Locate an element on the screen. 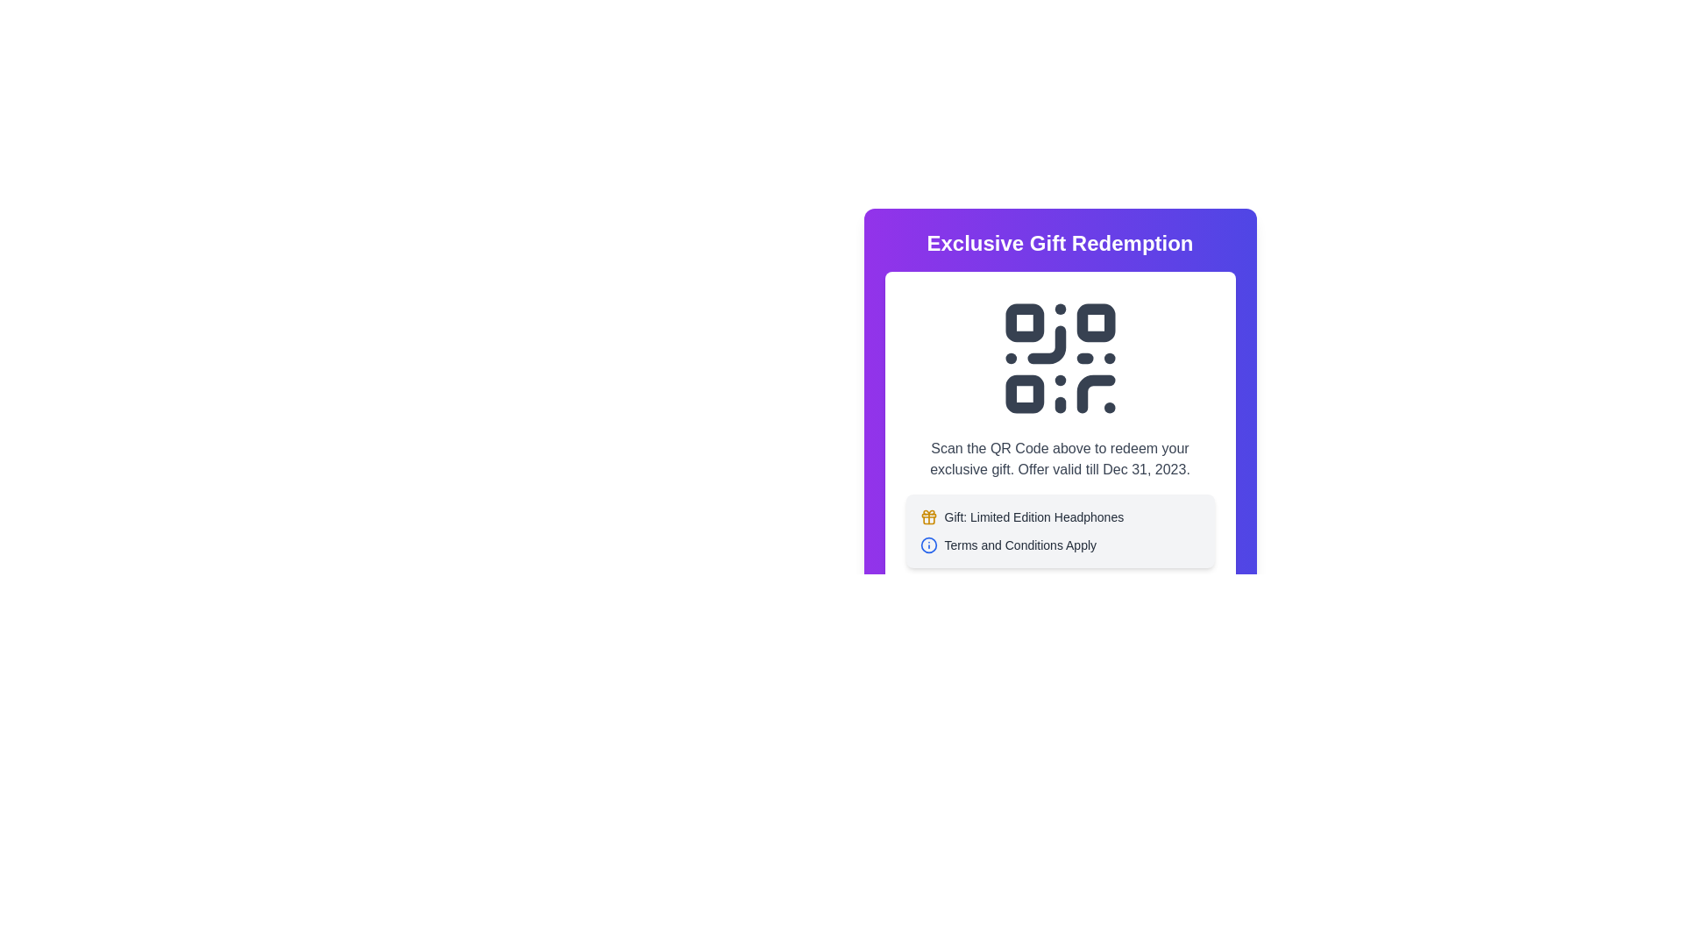 The height and width of the screenshot is (947, 1683). the text displaying 'Scan the QR Code above to redeem your exclusive gift. Offer valid till Dec 31, 2023.', which is styled with a medium font weight and gray color, located centrally beneath the QR code graphic is located at coordinates (1059, 459).